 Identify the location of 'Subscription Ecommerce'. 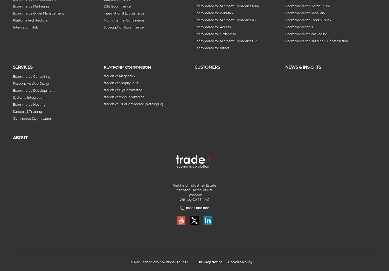
(123, 27).